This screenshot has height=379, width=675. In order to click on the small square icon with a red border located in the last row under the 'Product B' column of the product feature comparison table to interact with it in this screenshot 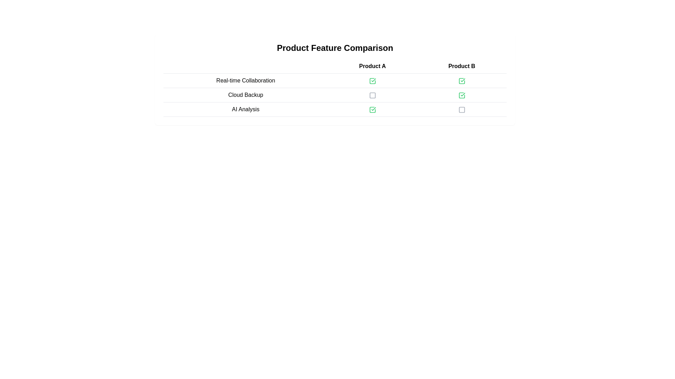, I will do `click(462, 109)`.